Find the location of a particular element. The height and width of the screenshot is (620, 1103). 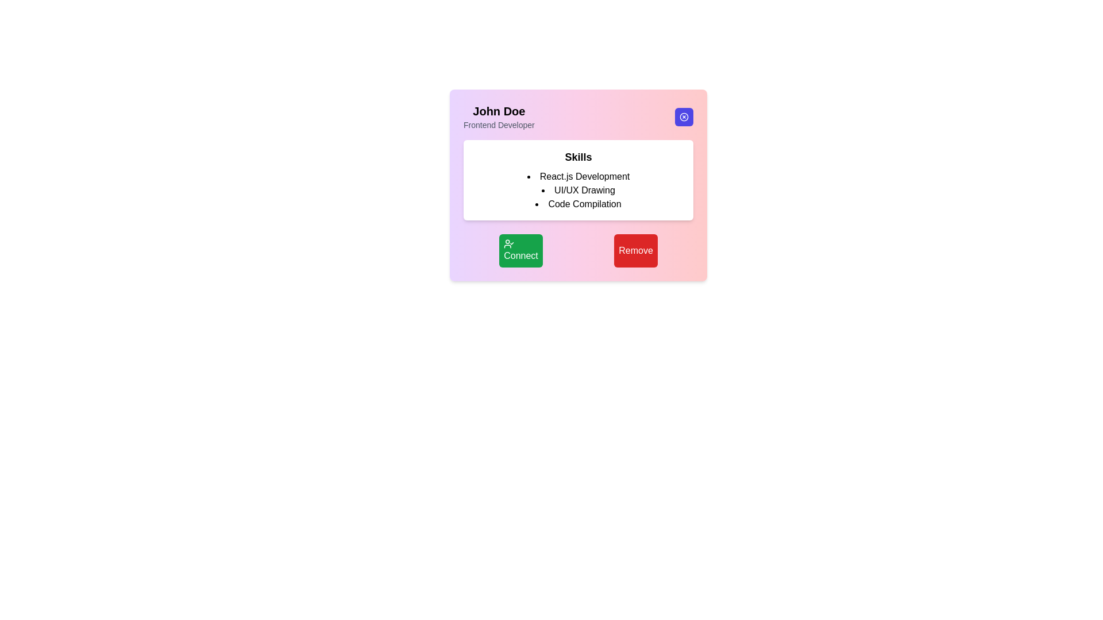

the text label displaying 'Frontend Developer' located directly below the 'John Doe' label in a colored card is located at coordinates (499, 125).